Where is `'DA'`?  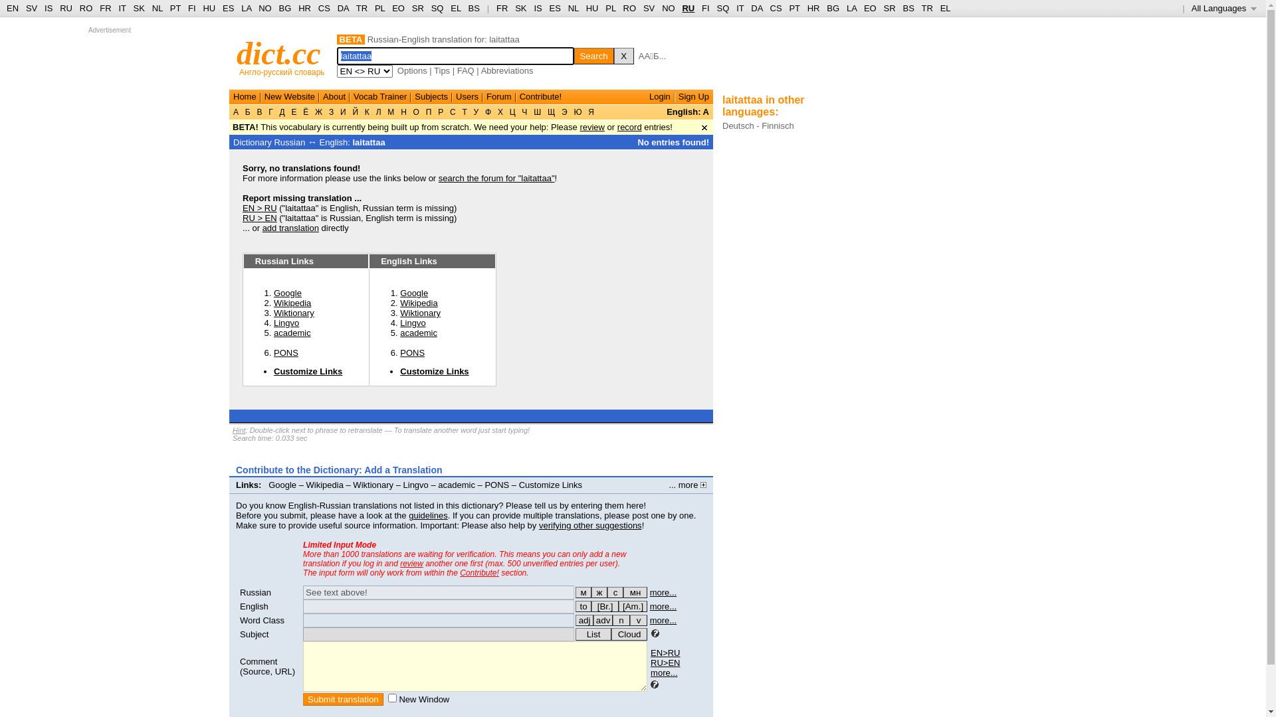
'DA' is located at coordinates (343, 8).